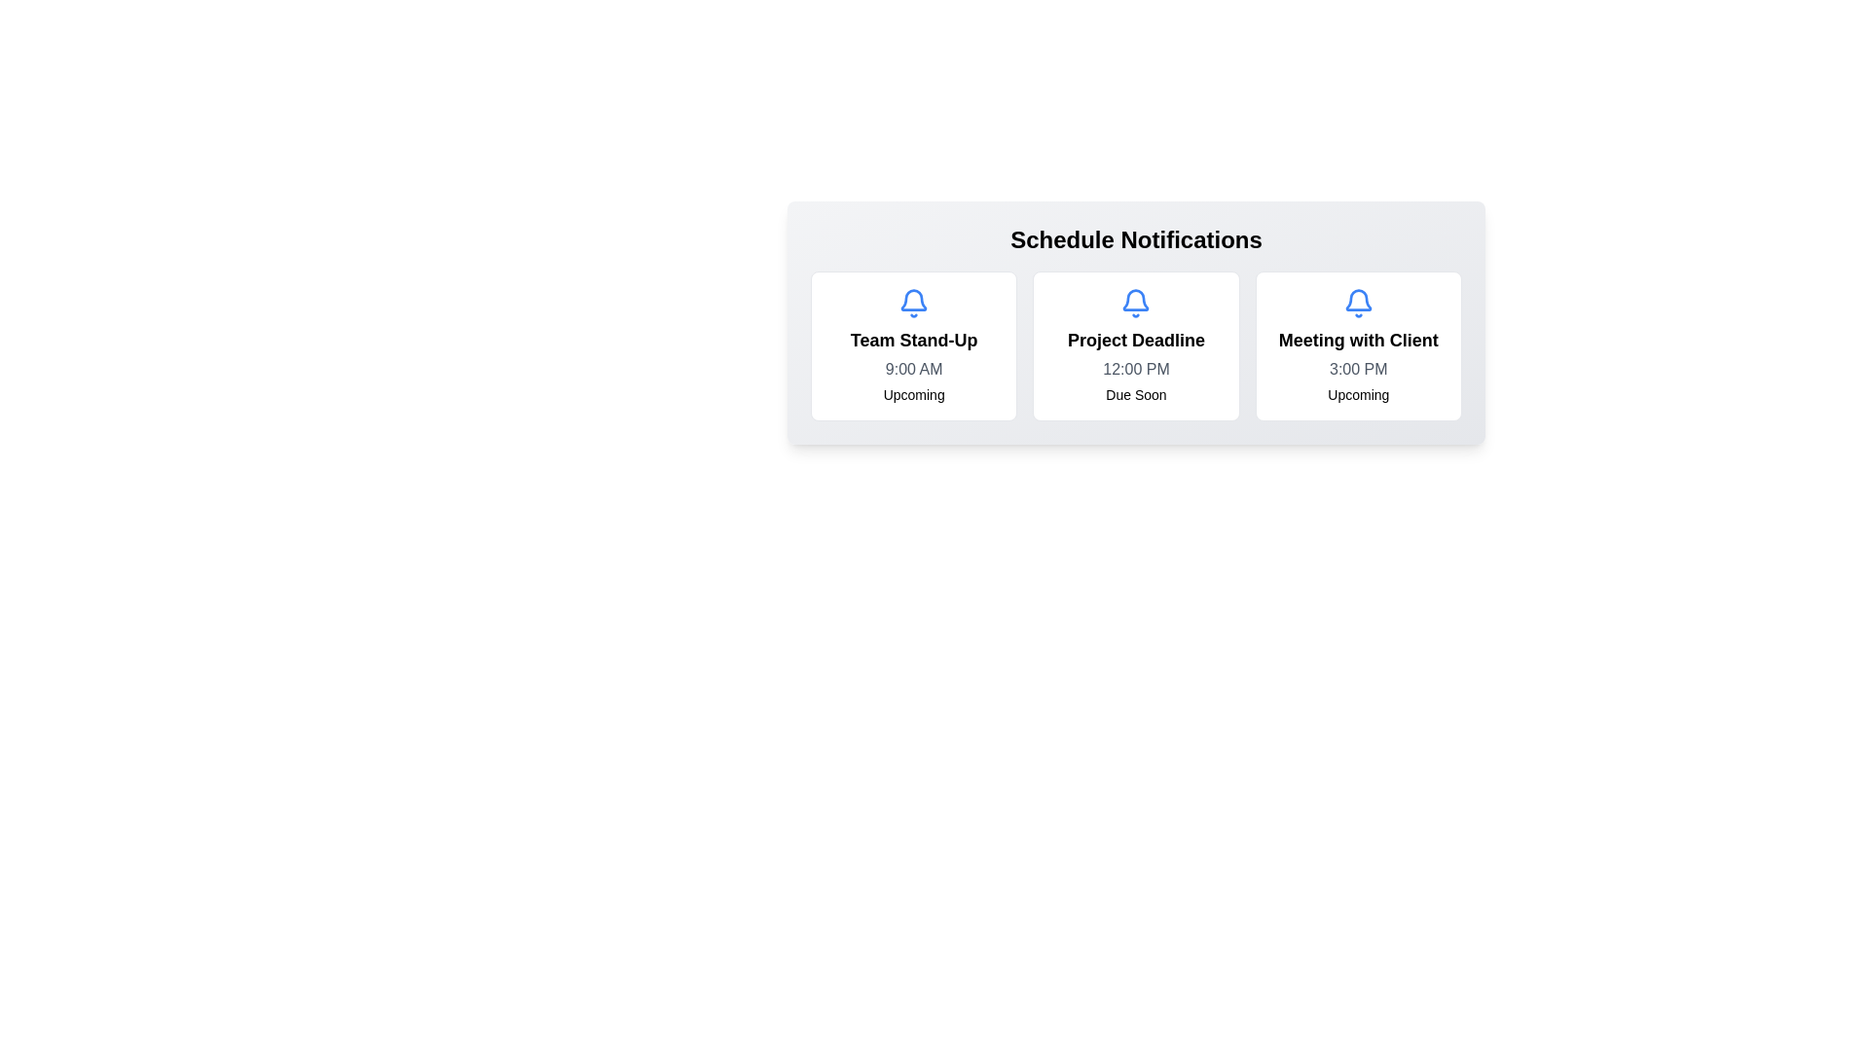  I want to click on the upper bell portion of the notification icon in the second notification card under the 'Schedule Notifications' heading, so click(1357, 300).